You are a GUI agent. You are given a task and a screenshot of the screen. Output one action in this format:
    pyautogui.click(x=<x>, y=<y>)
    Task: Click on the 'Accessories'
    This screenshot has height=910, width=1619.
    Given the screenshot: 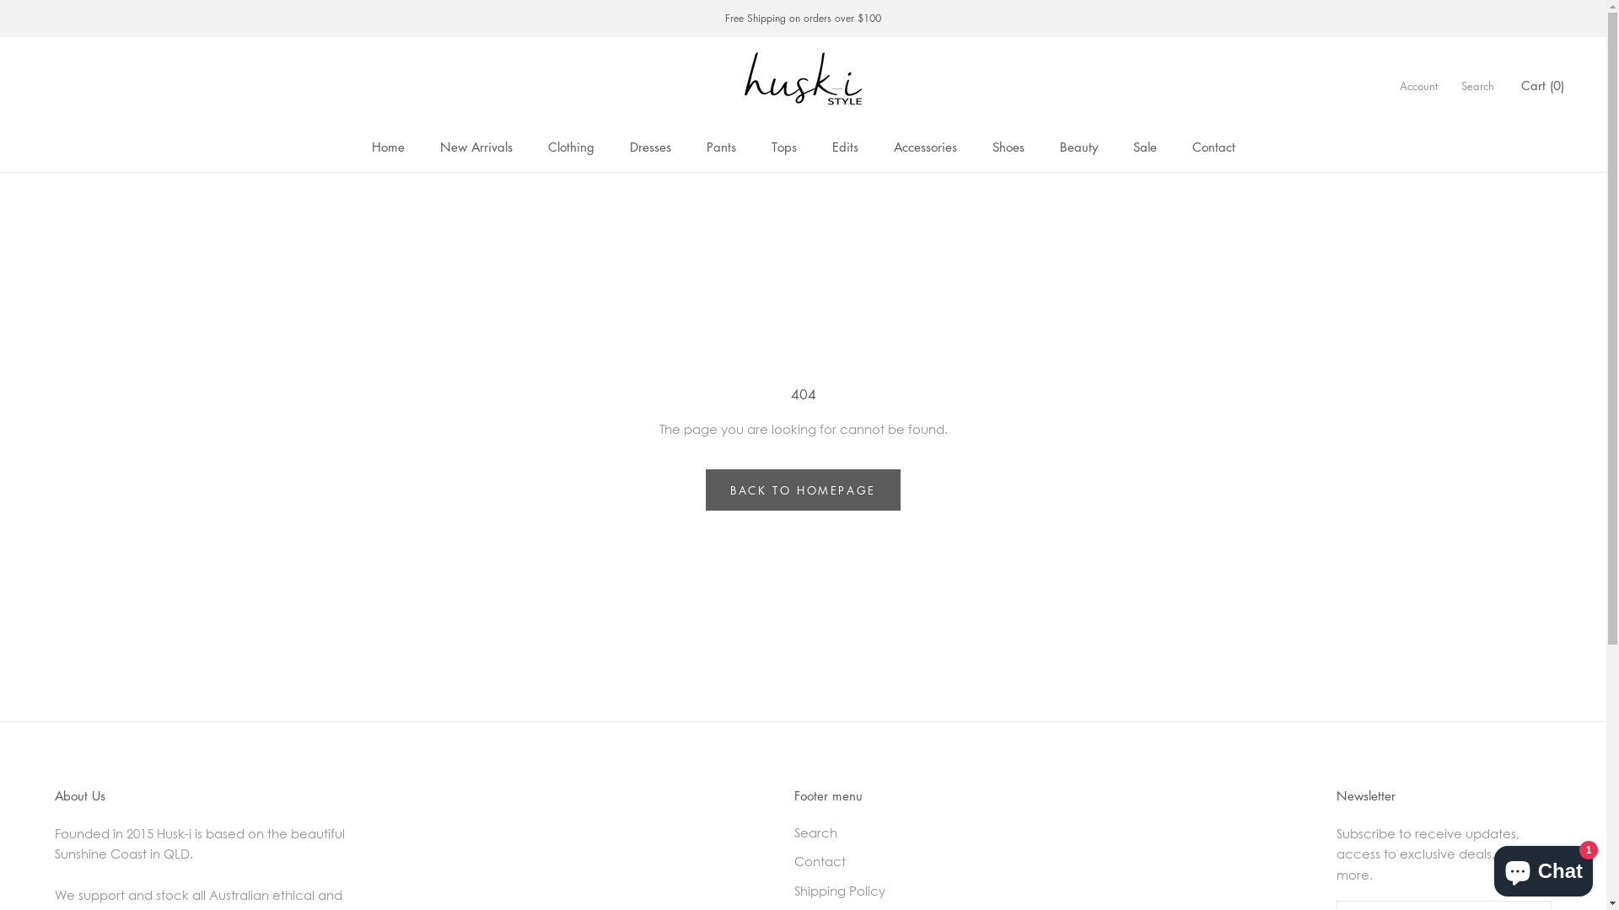 What is the action you would take?
    pyautogui.click(x=924, y=145)
    